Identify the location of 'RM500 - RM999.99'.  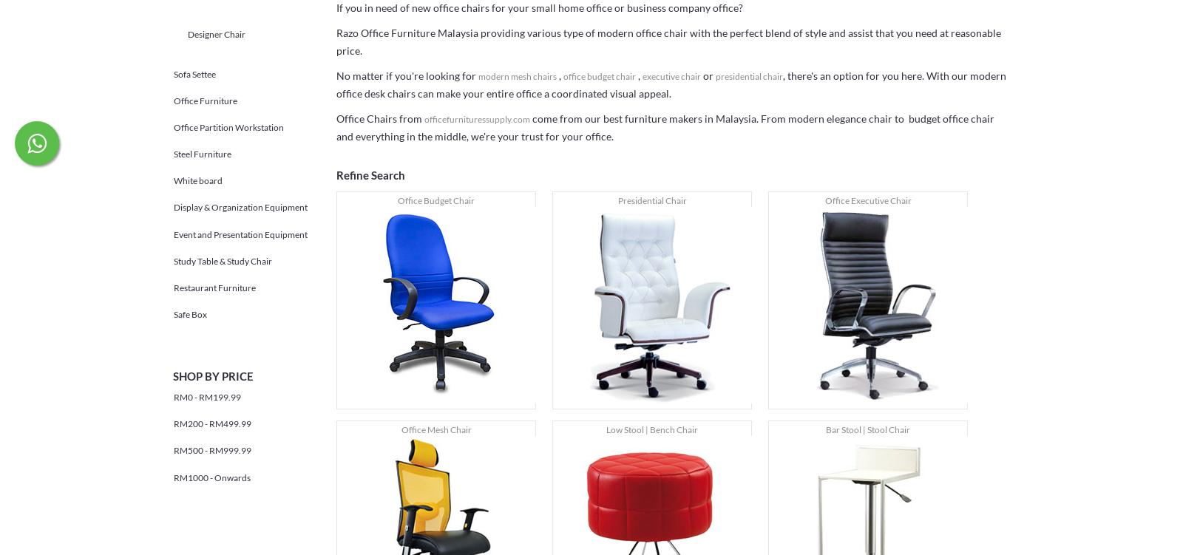
(212, 450).